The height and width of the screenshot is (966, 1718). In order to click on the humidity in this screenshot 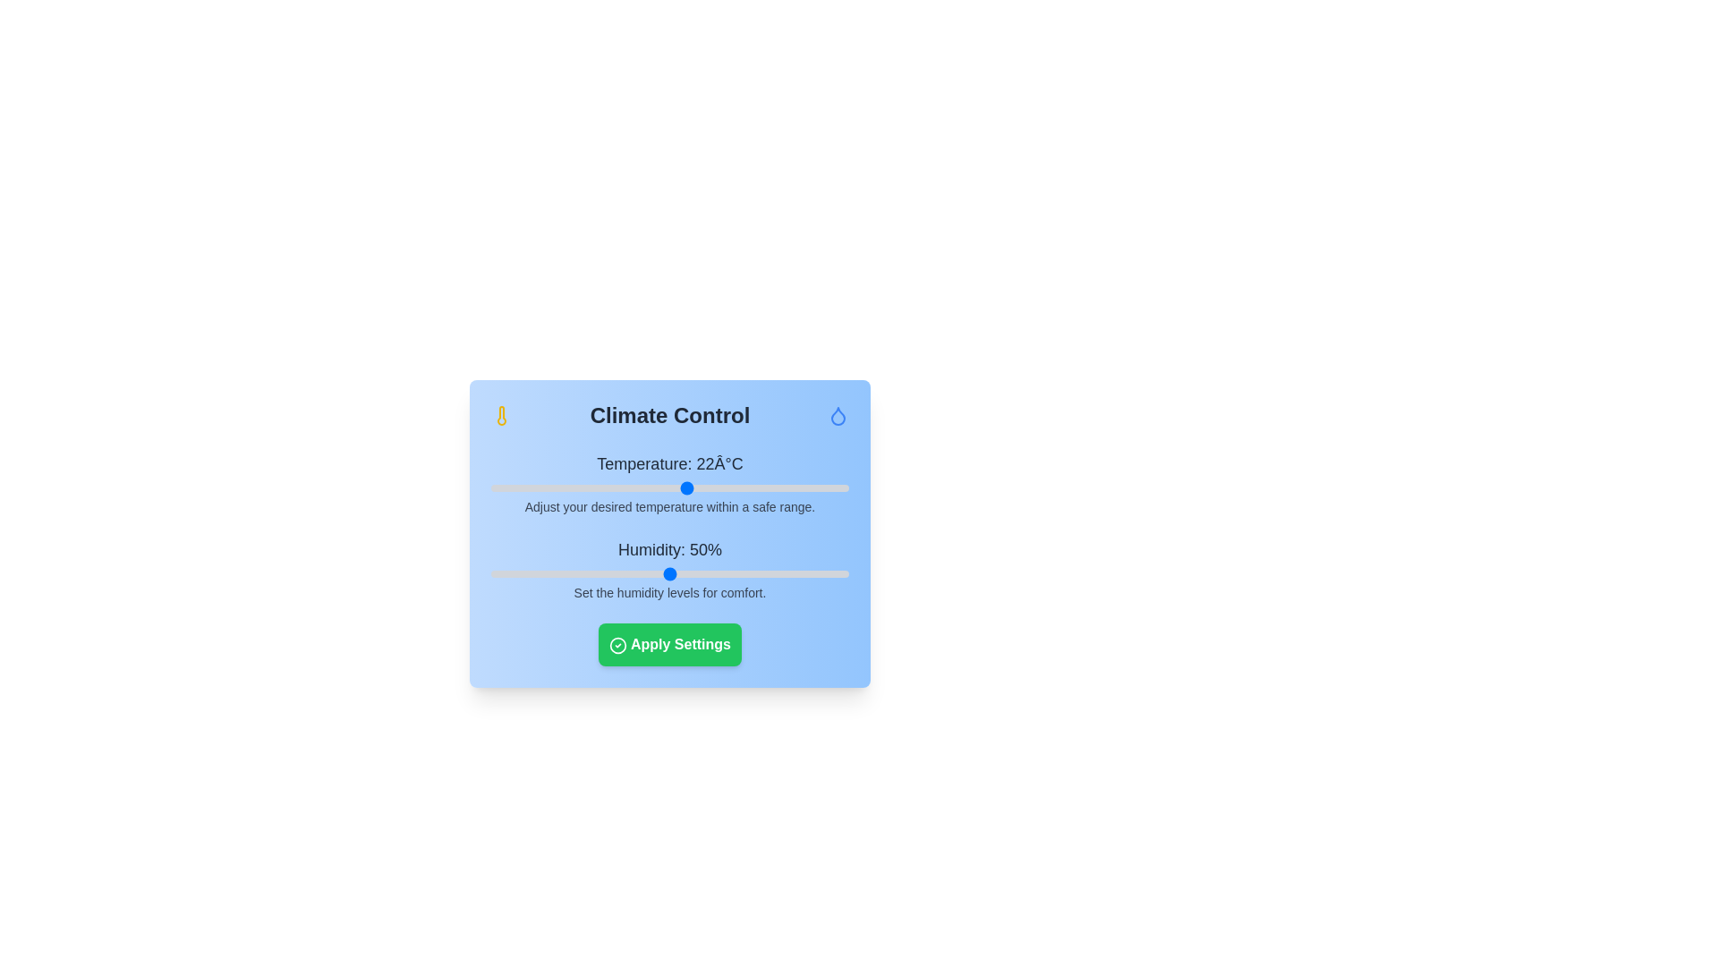, I will do `click(683, 573)`.